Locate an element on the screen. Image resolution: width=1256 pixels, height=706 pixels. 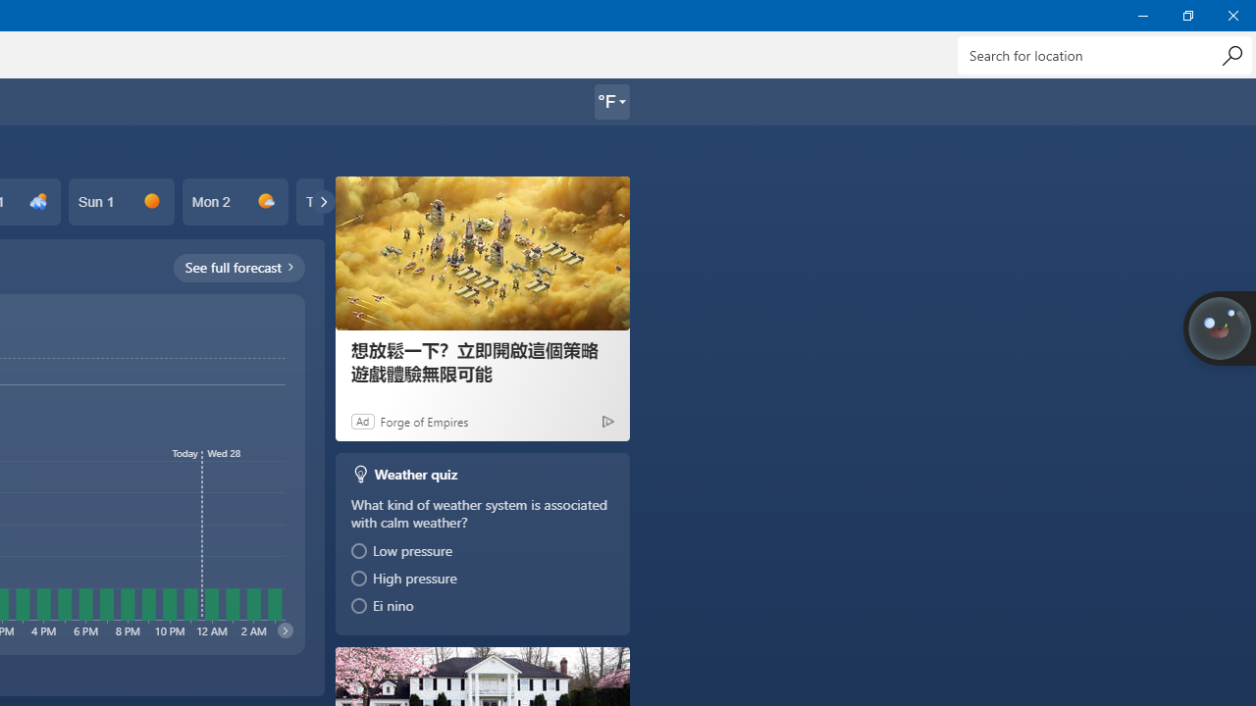
'Search for location' is located at coordinates (1104, 54).